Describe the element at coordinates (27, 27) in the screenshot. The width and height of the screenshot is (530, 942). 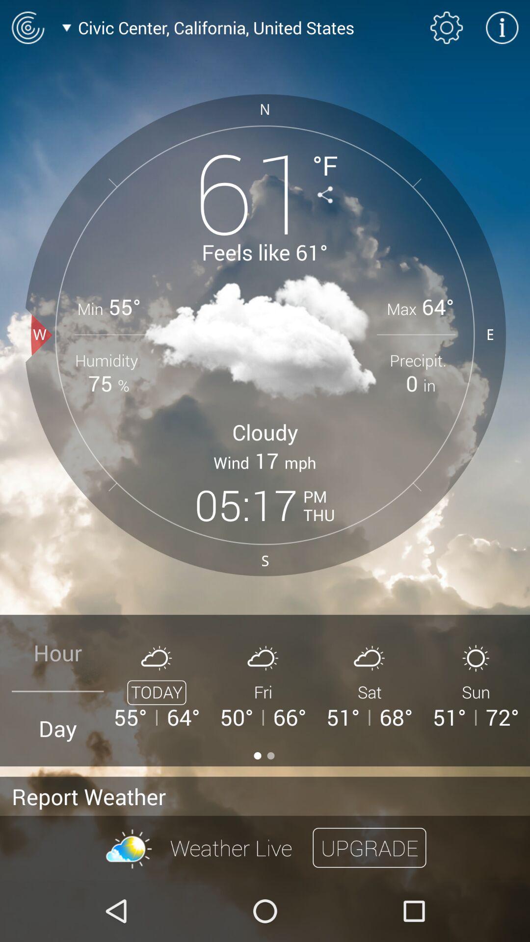
I see `the visibility icon` at that location.